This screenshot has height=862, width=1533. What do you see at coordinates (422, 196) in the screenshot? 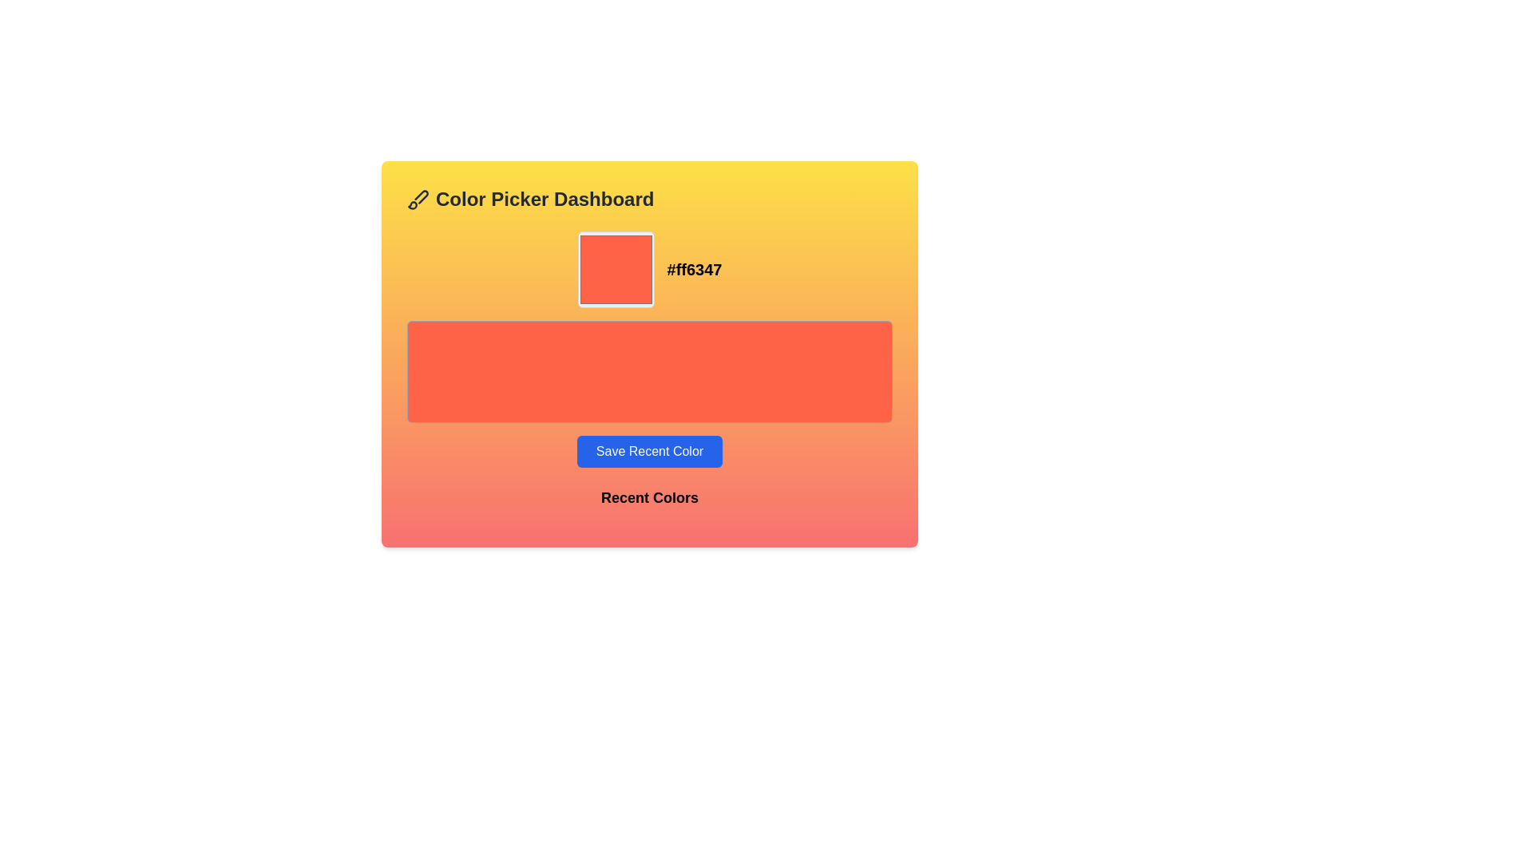
I see `the graphical icon component representing a brush, located next to the 'Color Picker Dashboard' header` at bounding box center [422, 196].